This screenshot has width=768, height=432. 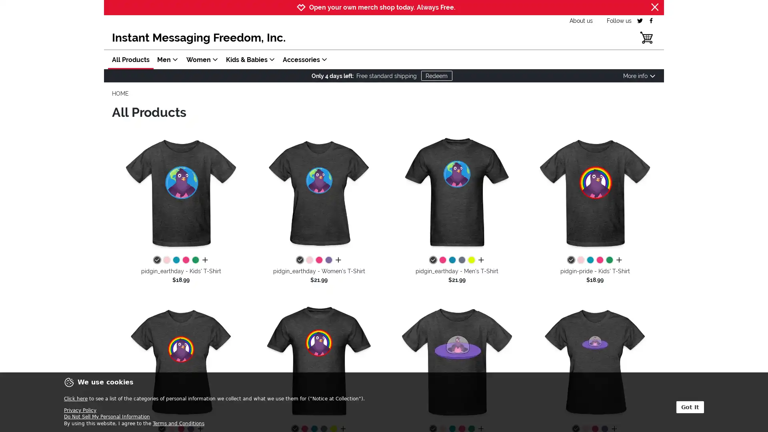 I want to click on pidgin-pride - Men's T-Shirt, so click(x=318, y=362).